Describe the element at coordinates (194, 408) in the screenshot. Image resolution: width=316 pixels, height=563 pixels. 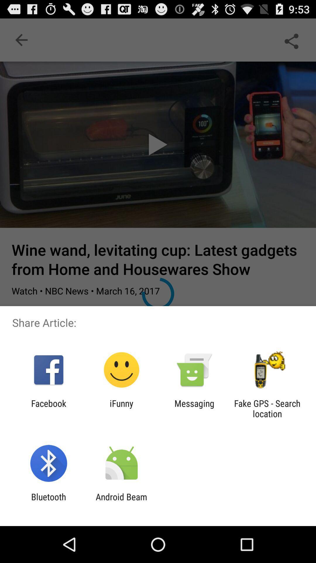
I see `app next to ifunny icon` at that location.